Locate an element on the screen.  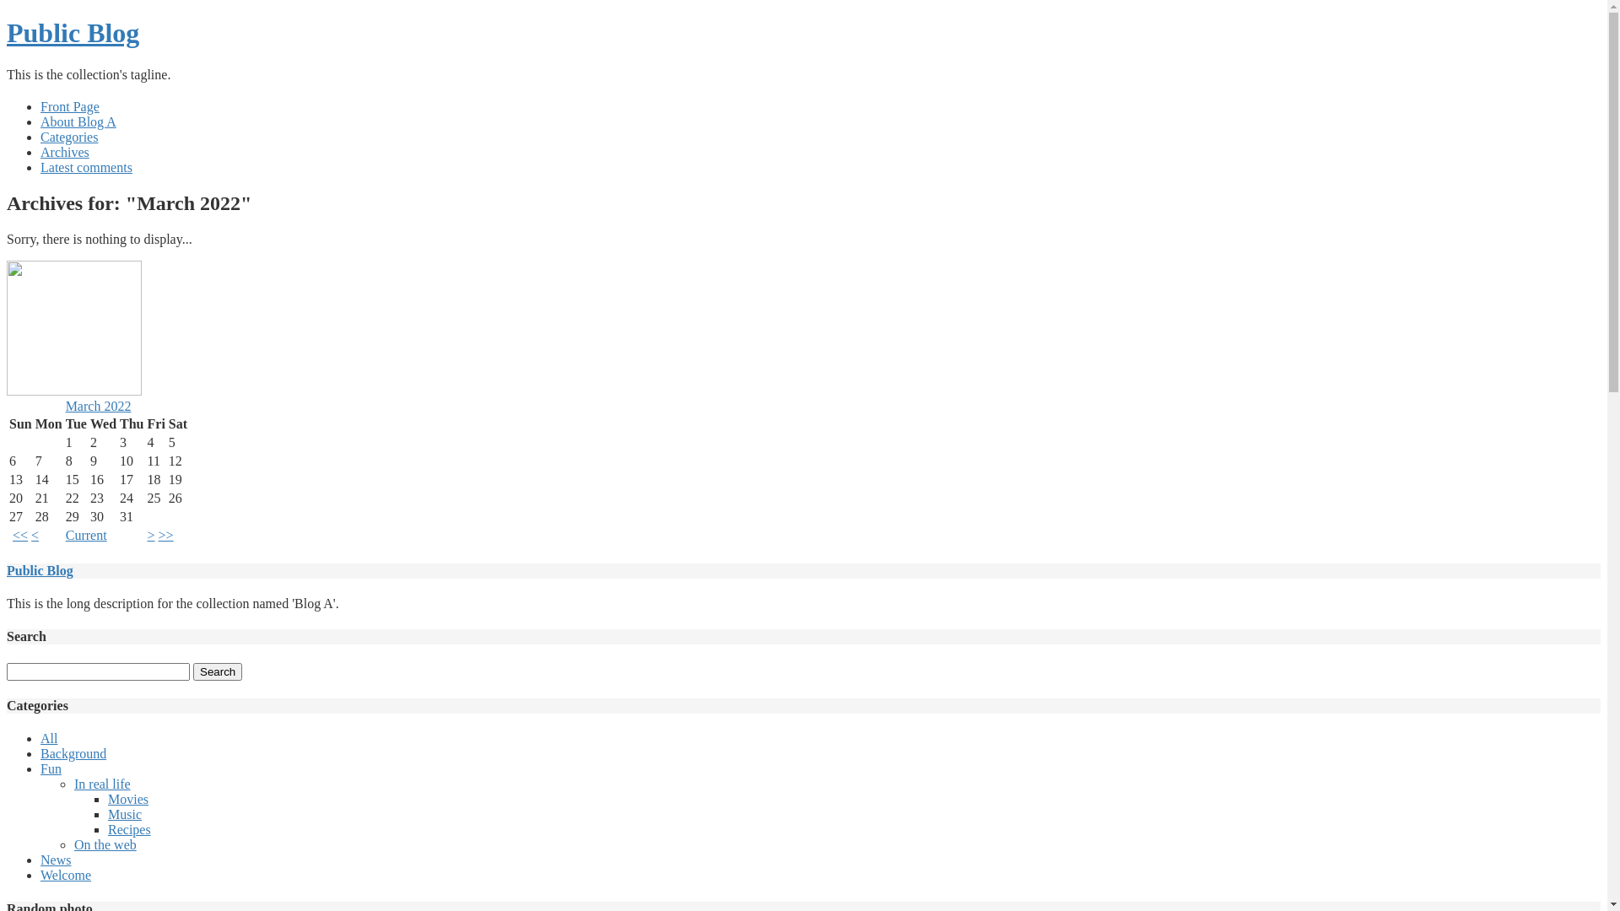
'Categories' is located at coordinates (67, 136).